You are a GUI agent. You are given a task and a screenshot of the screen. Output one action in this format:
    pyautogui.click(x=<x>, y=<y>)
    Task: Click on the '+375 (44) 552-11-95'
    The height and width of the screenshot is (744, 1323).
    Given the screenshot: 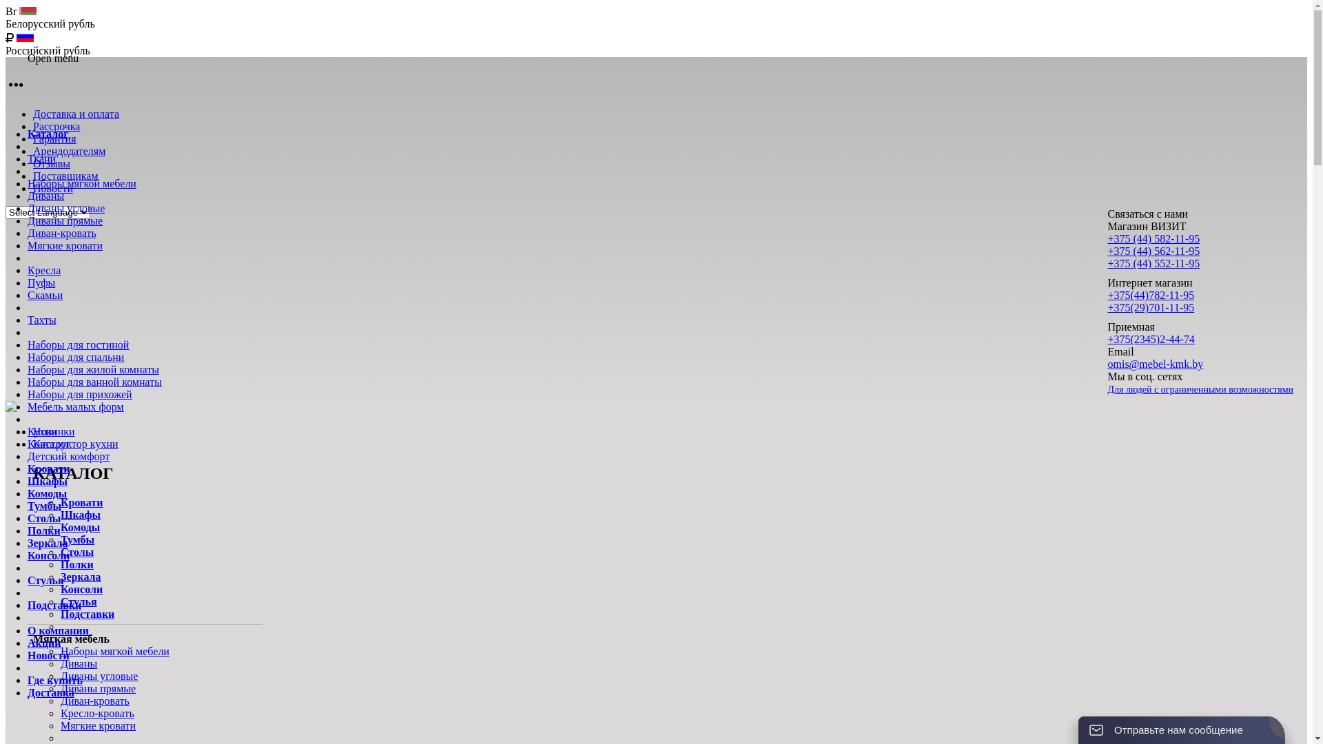 What is the action you would take?
    pyautogui.click(x=1154, y=263)
    